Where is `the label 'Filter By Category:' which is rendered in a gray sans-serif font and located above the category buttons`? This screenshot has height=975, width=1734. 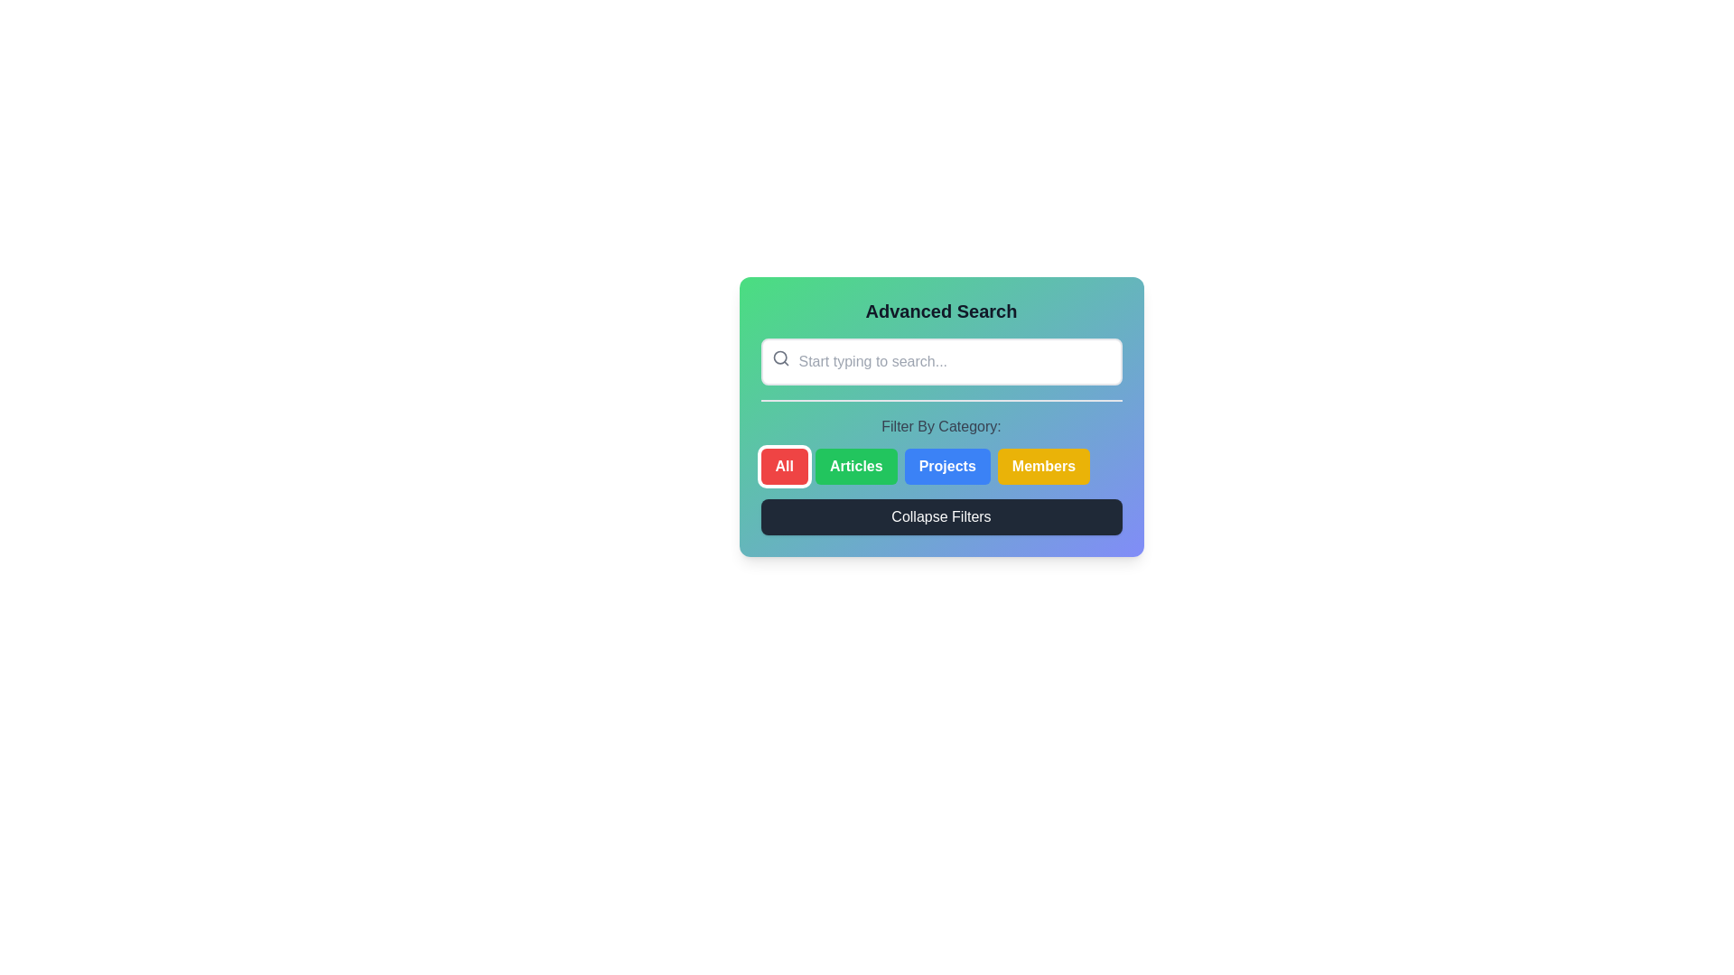
the label 'Filter By Category:' which is rendered in a gray sans-serif font and located above the category buttons is located at coordinates (940, 426).